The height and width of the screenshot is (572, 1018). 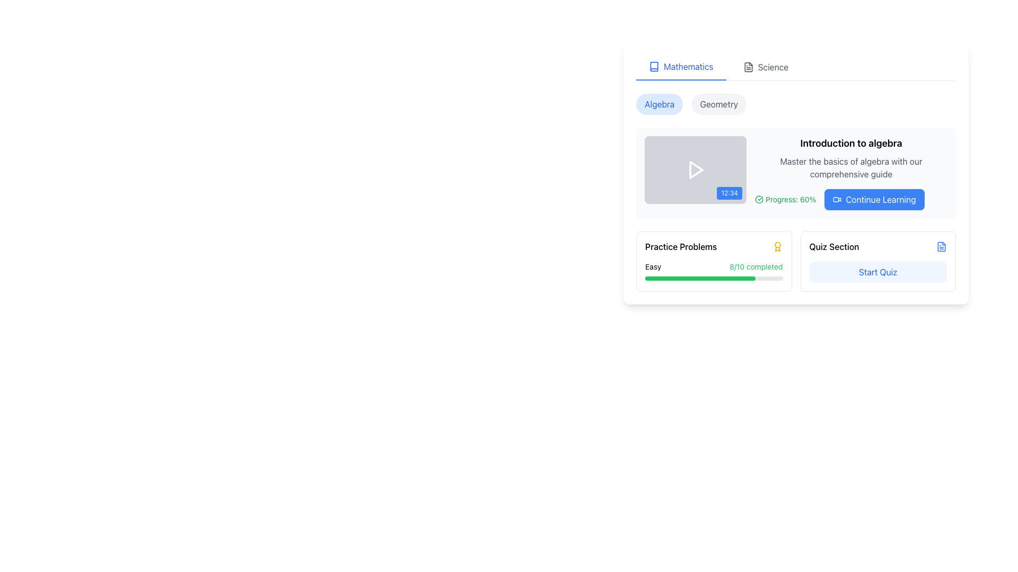 What do you see at coordinates (729, 193) in the screenshot?
I see `the Text Label located in the bottom-right corner of the video card, which serves as a time duration or timestamp indicator` at bounding box center [729, 193].